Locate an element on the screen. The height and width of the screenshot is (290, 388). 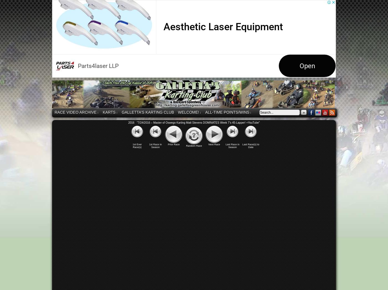
'2016' is located at coordinates (131, 122).